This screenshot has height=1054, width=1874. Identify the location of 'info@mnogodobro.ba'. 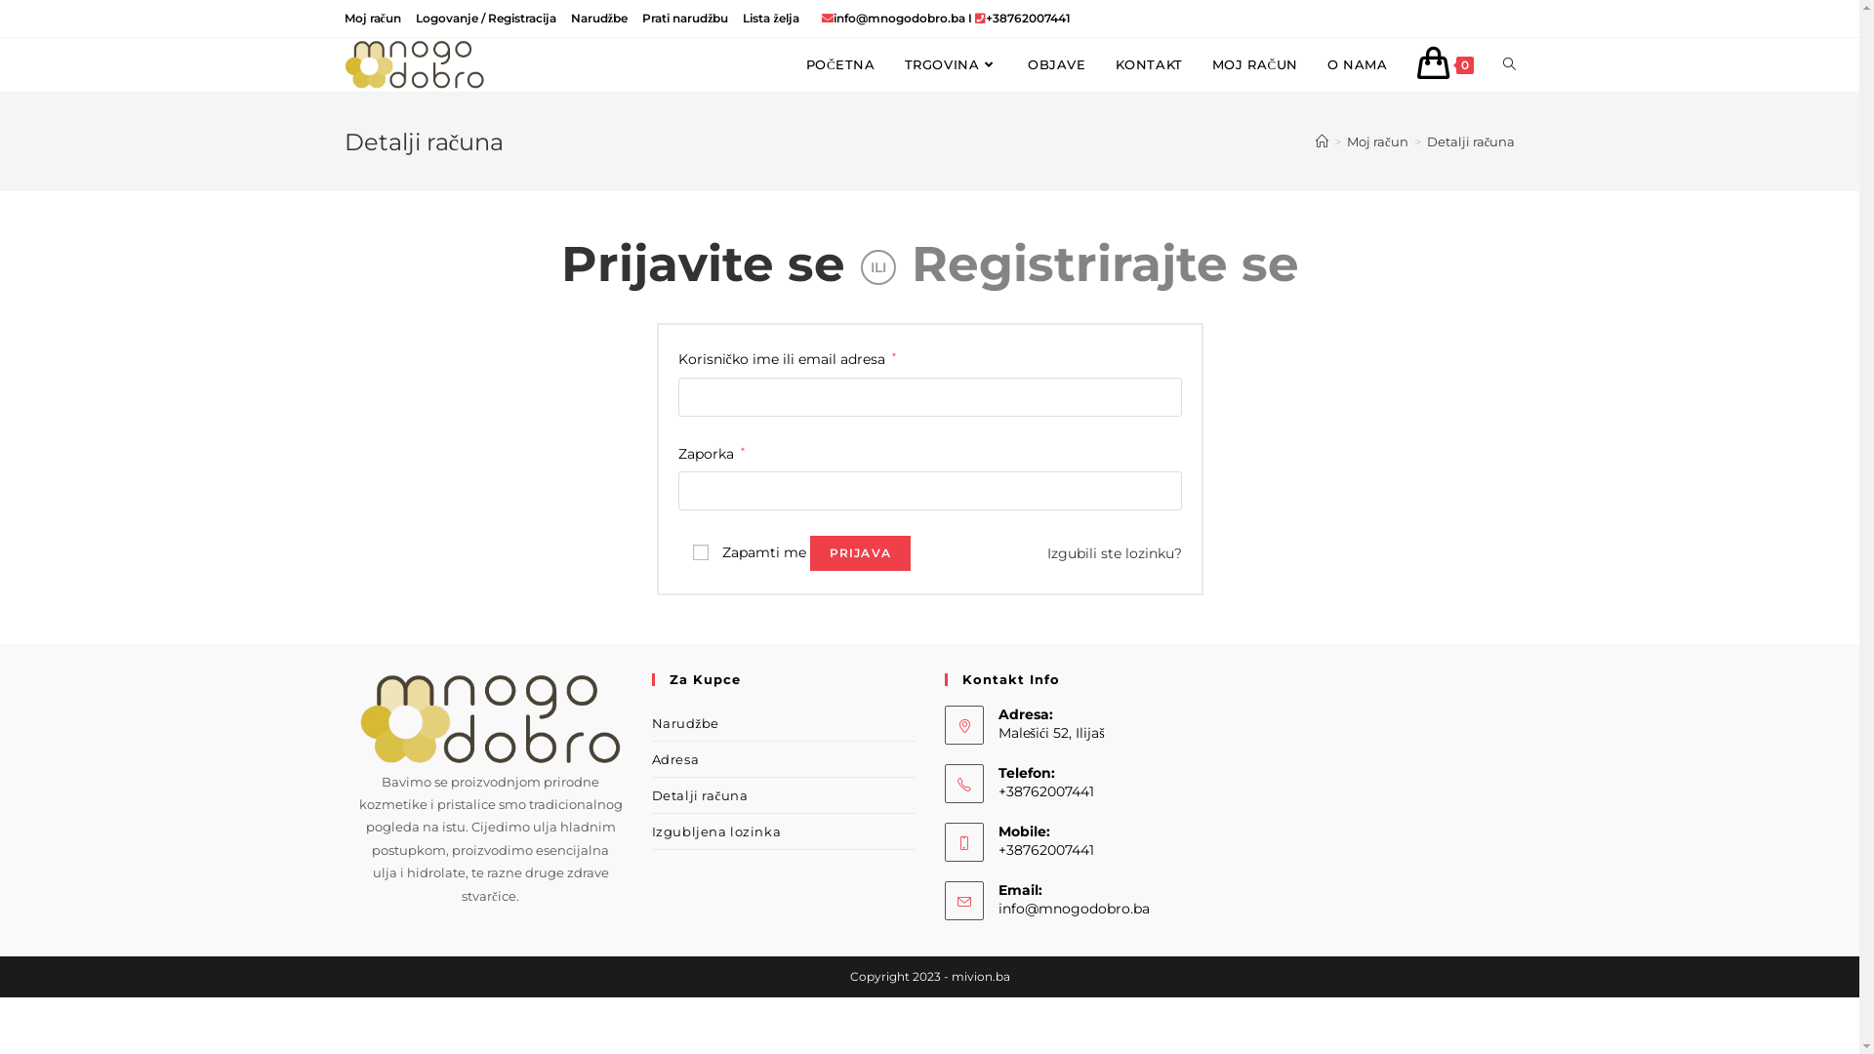
(898, 18).